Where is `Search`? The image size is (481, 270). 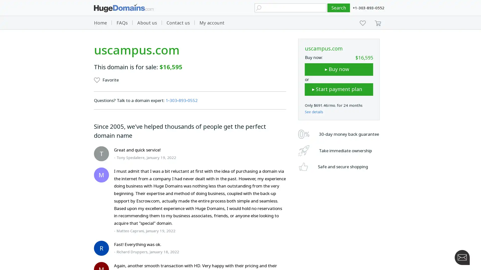
Search is located at coordinates (339, 8).